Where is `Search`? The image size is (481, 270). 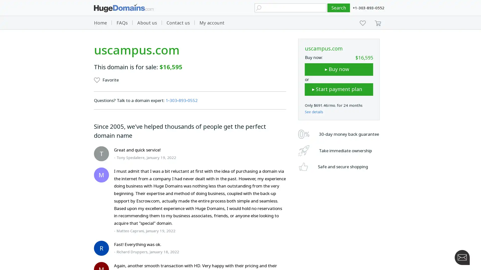
Search is located at coordinates (339, 8).